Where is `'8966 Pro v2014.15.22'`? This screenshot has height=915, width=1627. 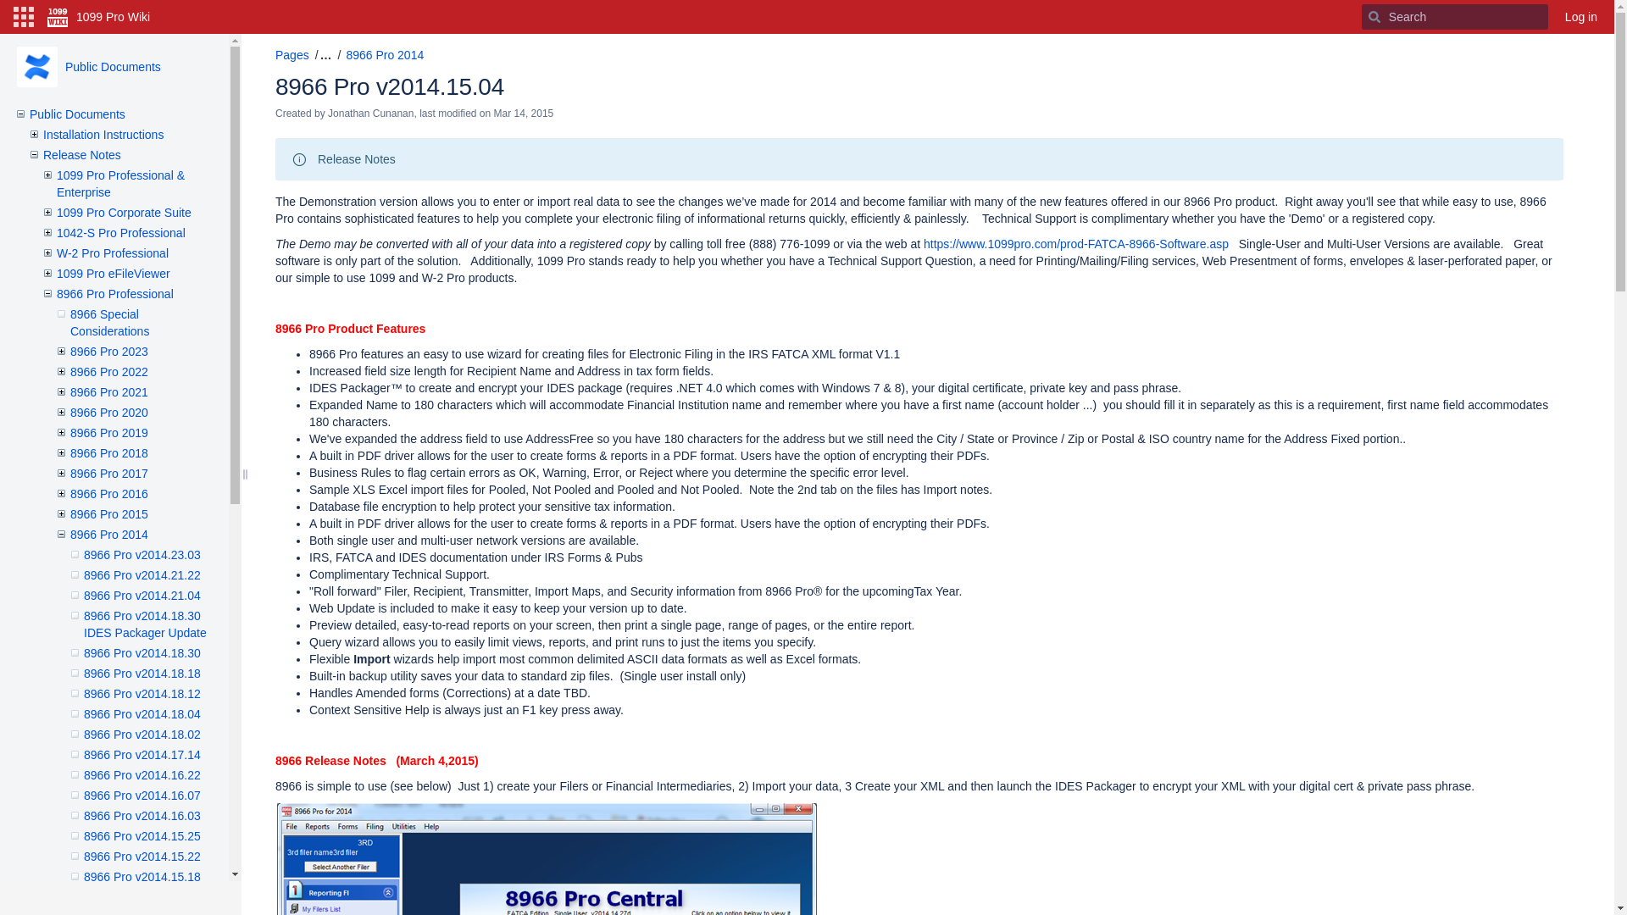 '8966 Pro v2014.15.22' is located at coordinates (142, 856).